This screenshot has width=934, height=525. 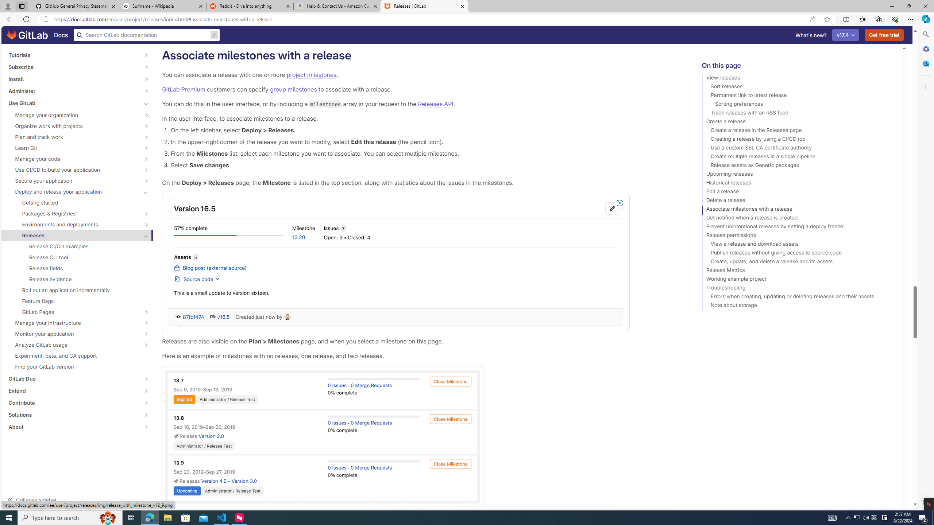 I want to click on 'Publish releases without giving access to source code', so click(x=798, y=254).